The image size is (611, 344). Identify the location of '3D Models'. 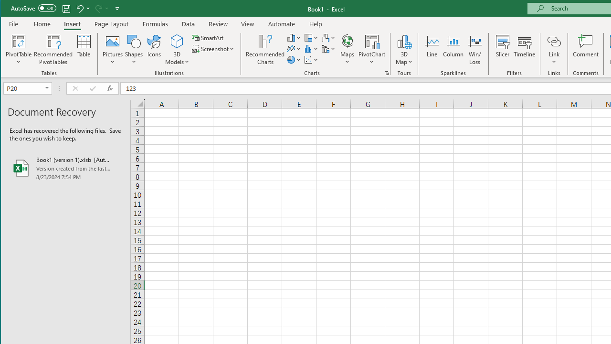
(177, 41).